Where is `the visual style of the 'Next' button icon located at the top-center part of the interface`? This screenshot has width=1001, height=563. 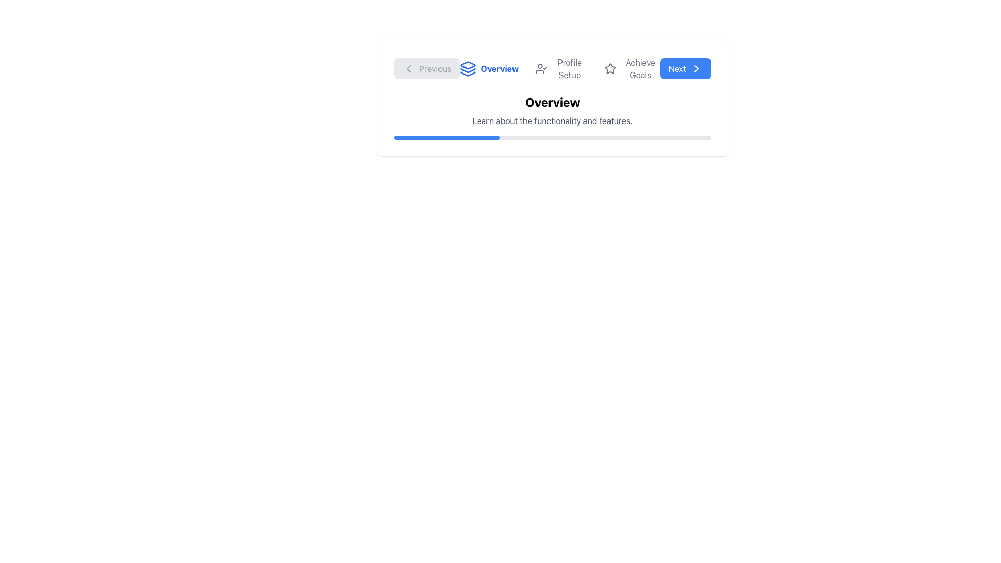
the visual style of the 'Next' button icon located at the top-center part of the interface is located at coordinates (696, 68).